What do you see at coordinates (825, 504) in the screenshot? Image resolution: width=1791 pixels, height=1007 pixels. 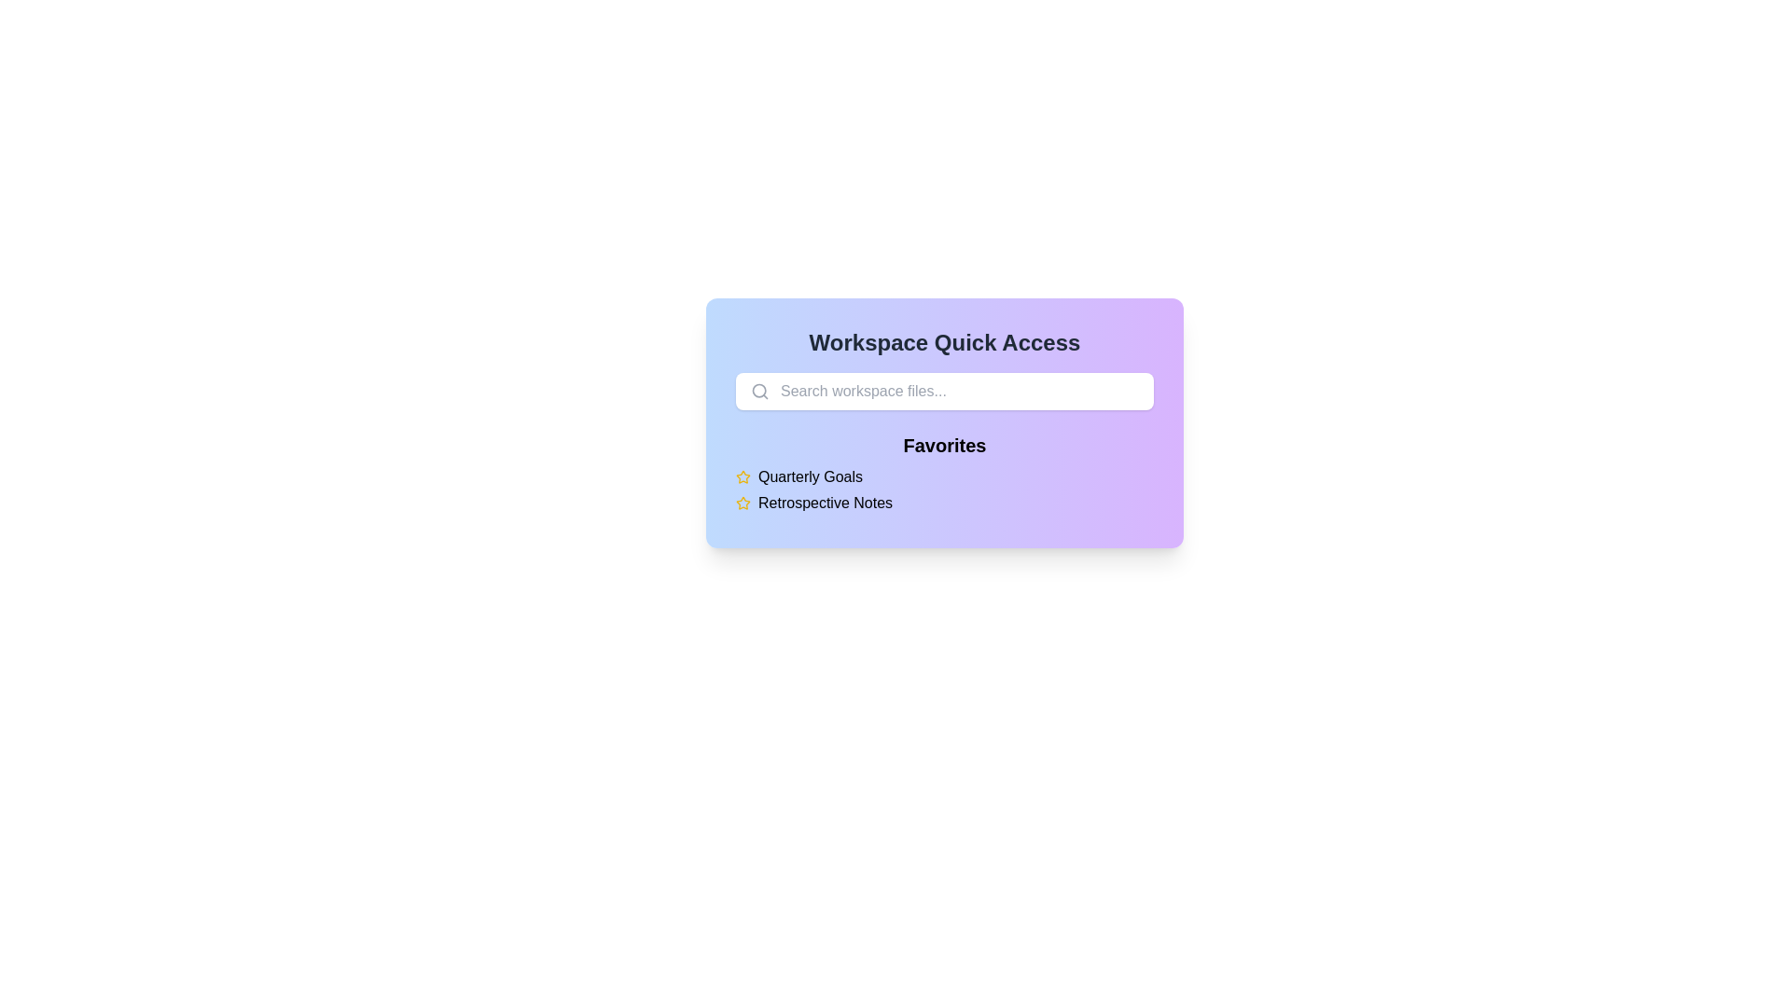 I see `the text label for a favorite or bookmarked entity, which is aligned with a star icon to its left and is the second item in the favorites section below the search bar` at bounding box center [825, 504].